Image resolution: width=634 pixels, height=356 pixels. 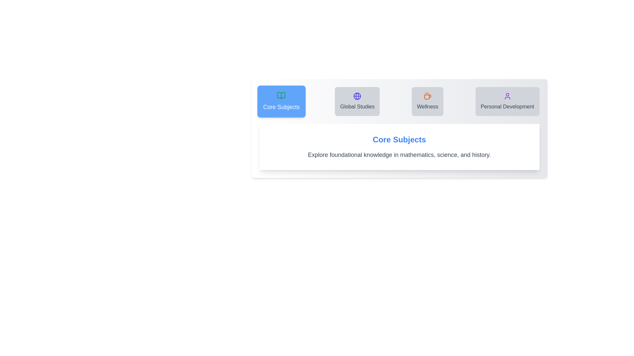 I want to click on the tab labeled Global Studies to view its content, so click(x=357, y=102).